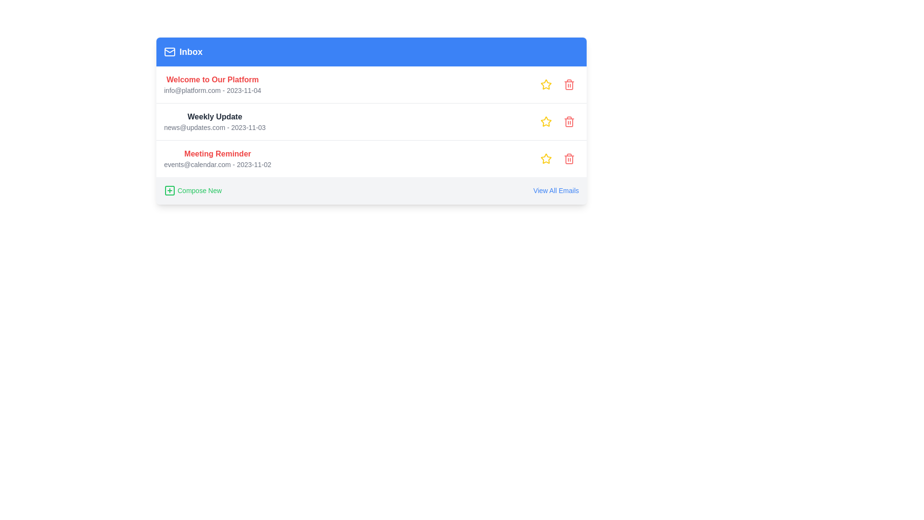  What do you see at coordinates (569, 121) in the screenshot?
I see `the delete button, which is the second icon in the rightmost column of the email list for the 'Weekly Update' entry` at bounding box center [569, 121].